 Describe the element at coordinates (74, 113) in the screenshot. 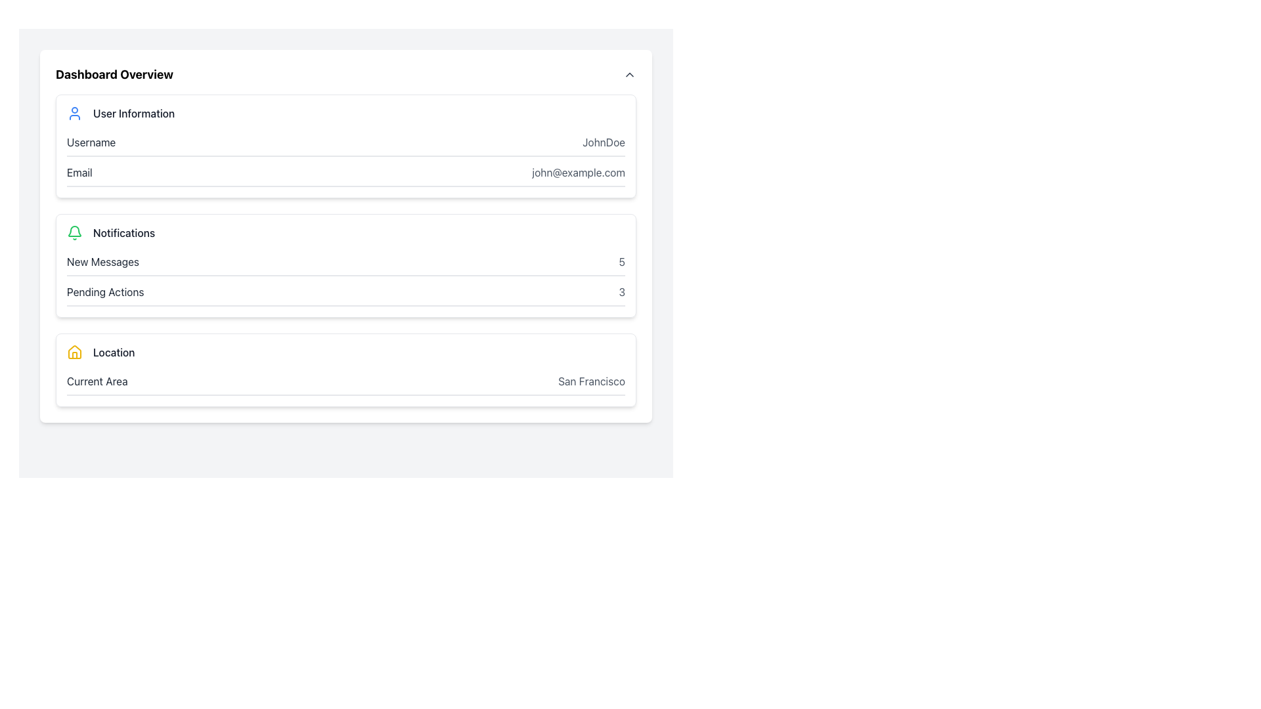

I see `the blue user figure icon located at the beginning of the 'User Information' section, which consists of an outlined circle and a connected shape representing a user` at that location.